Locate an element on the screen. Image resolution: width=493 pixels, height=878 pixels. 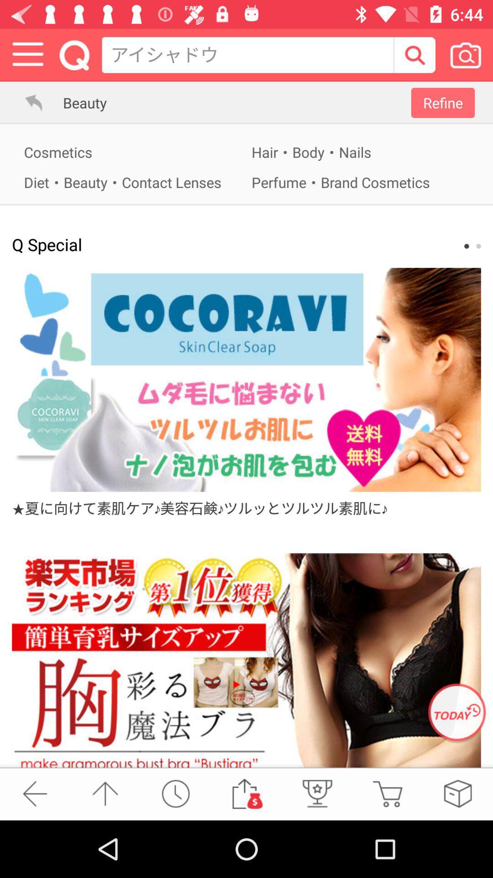
the microphone icon is located at coordinates (316, 793).